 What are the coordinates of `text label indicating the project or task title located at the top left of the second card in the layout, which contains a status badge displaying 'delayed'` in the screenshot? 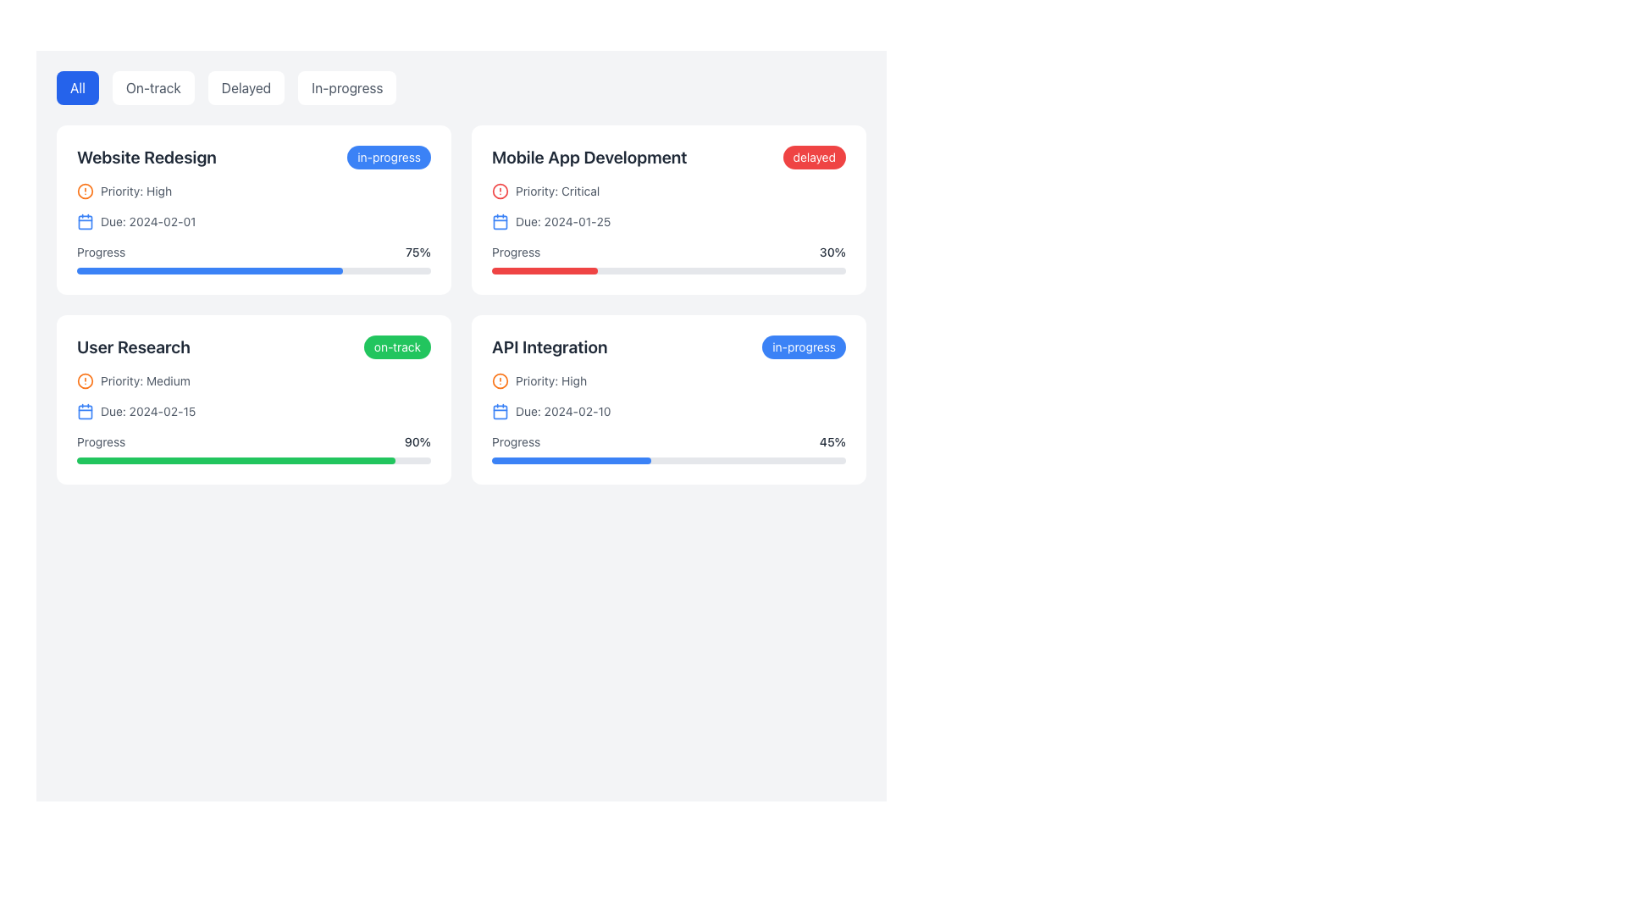 It's located at (589, 157).